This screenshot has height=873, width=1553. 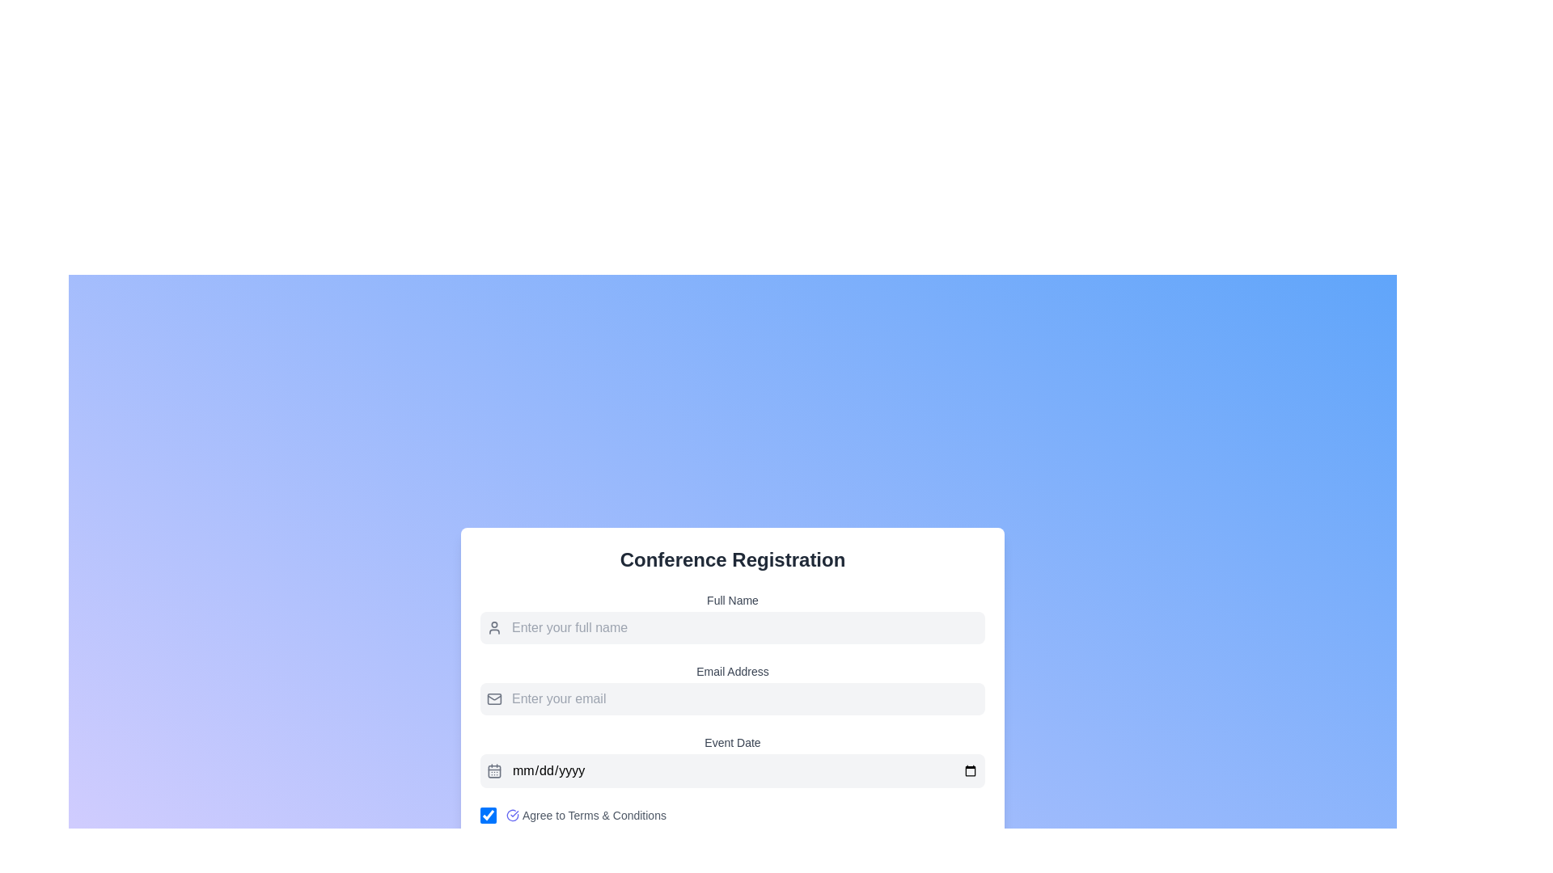 I want to click on the agreement icon located to the left of the 'Agree to Terms & Conditions' text, which serves as an indicator for agreement or confirmation, so click(x=511, y=816).